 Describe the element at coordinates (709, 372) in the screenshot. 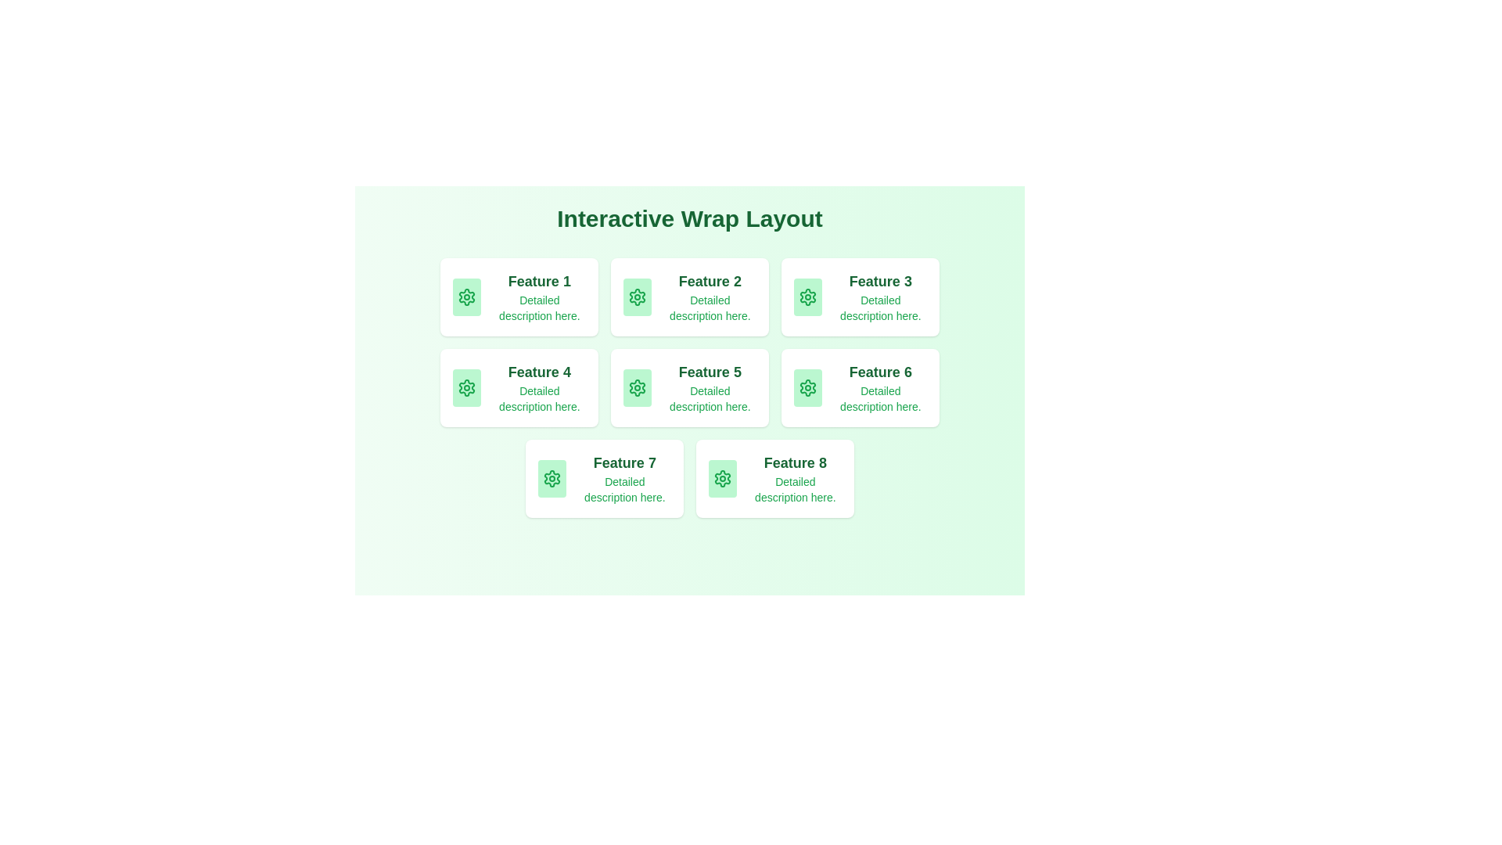

I see `the bold green text labeled 'Feature 5' to trigger any available tooltip or interaction` at that location.